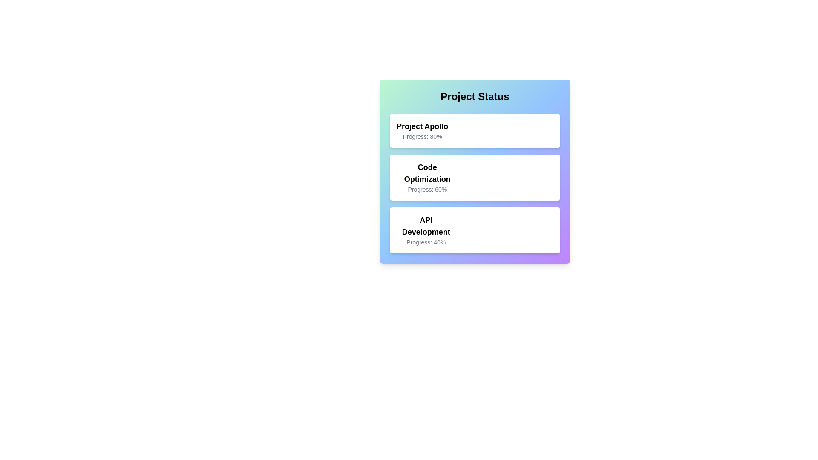 Image resolution: width=818 pixels, height=460 pixels. Describe the element at coordinates (474, 177) in the screenshot. I see `the project card corresponding to Code Optimization` at that location.